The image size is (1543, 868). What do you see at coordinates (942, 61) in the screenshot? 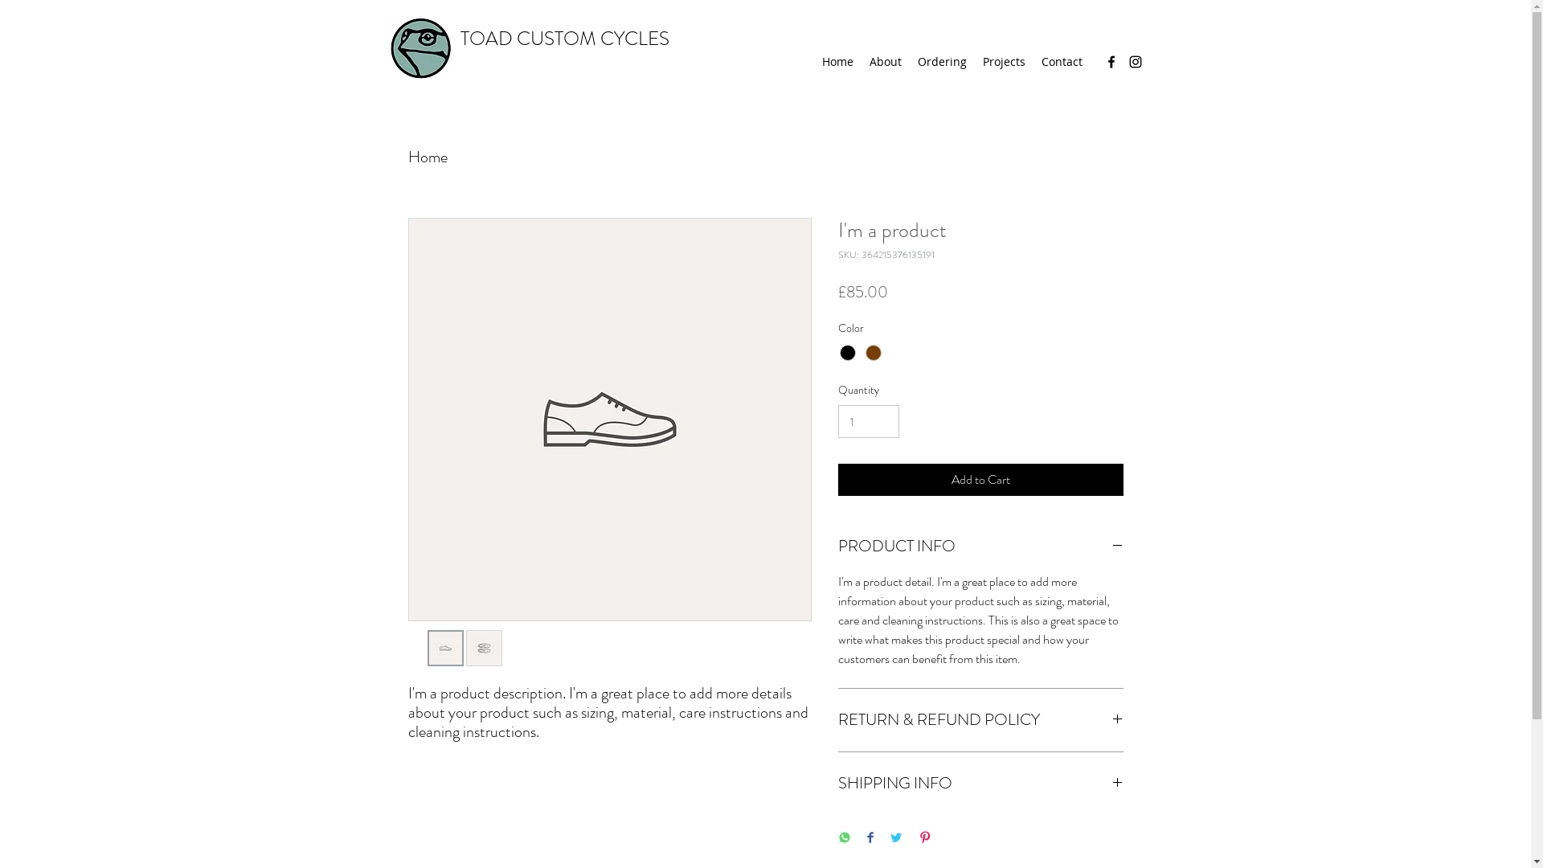
I see `'Ordering'` at bounding box center [942, 61].